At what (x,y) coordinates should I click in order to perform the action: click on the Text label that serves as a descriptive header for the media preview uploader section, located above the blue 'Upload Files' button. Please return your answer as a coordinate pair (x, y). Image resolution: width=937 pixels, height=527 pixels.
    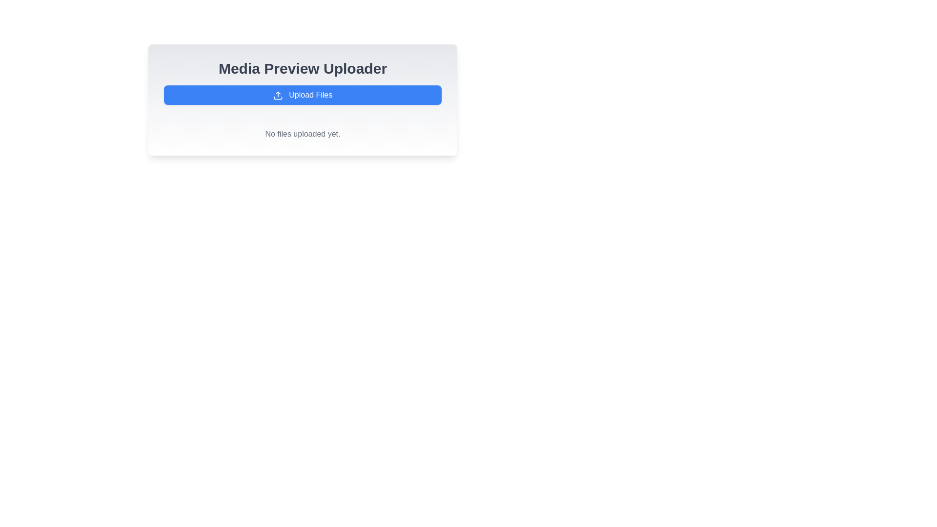
    Looking at the image, I should click on (302, 68).